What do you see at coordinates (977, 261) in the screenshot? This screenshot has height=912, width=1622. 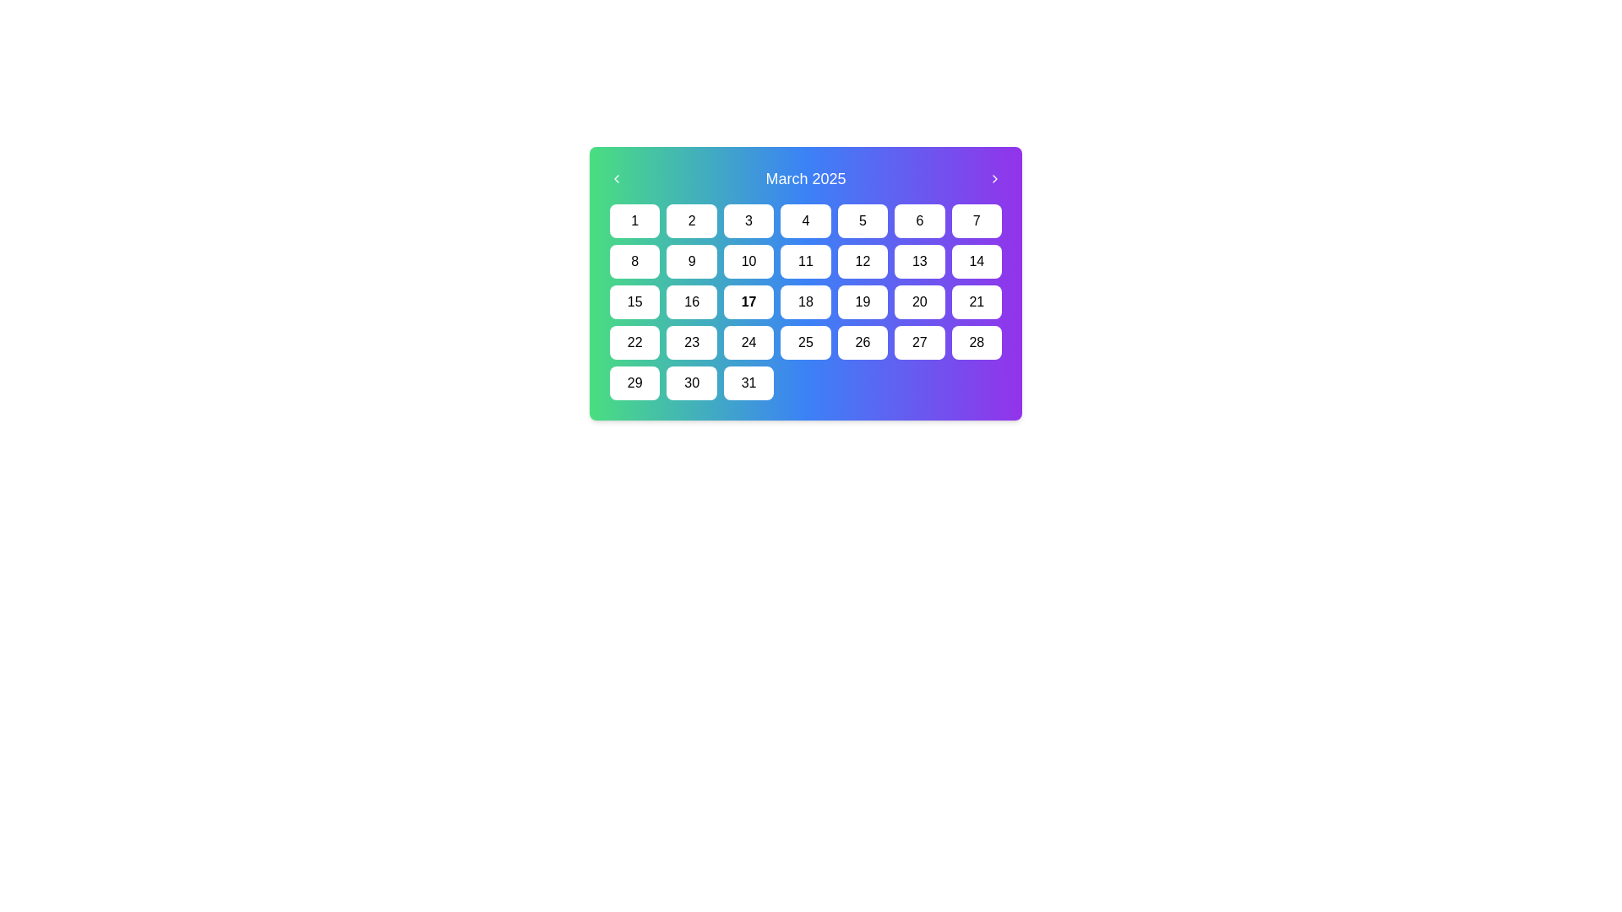 I see `the calendar day cell for the 14th day of the month, which is a white rectangular box with rounded corners containing the number '14' in black text` at bounding box center [977, 261].